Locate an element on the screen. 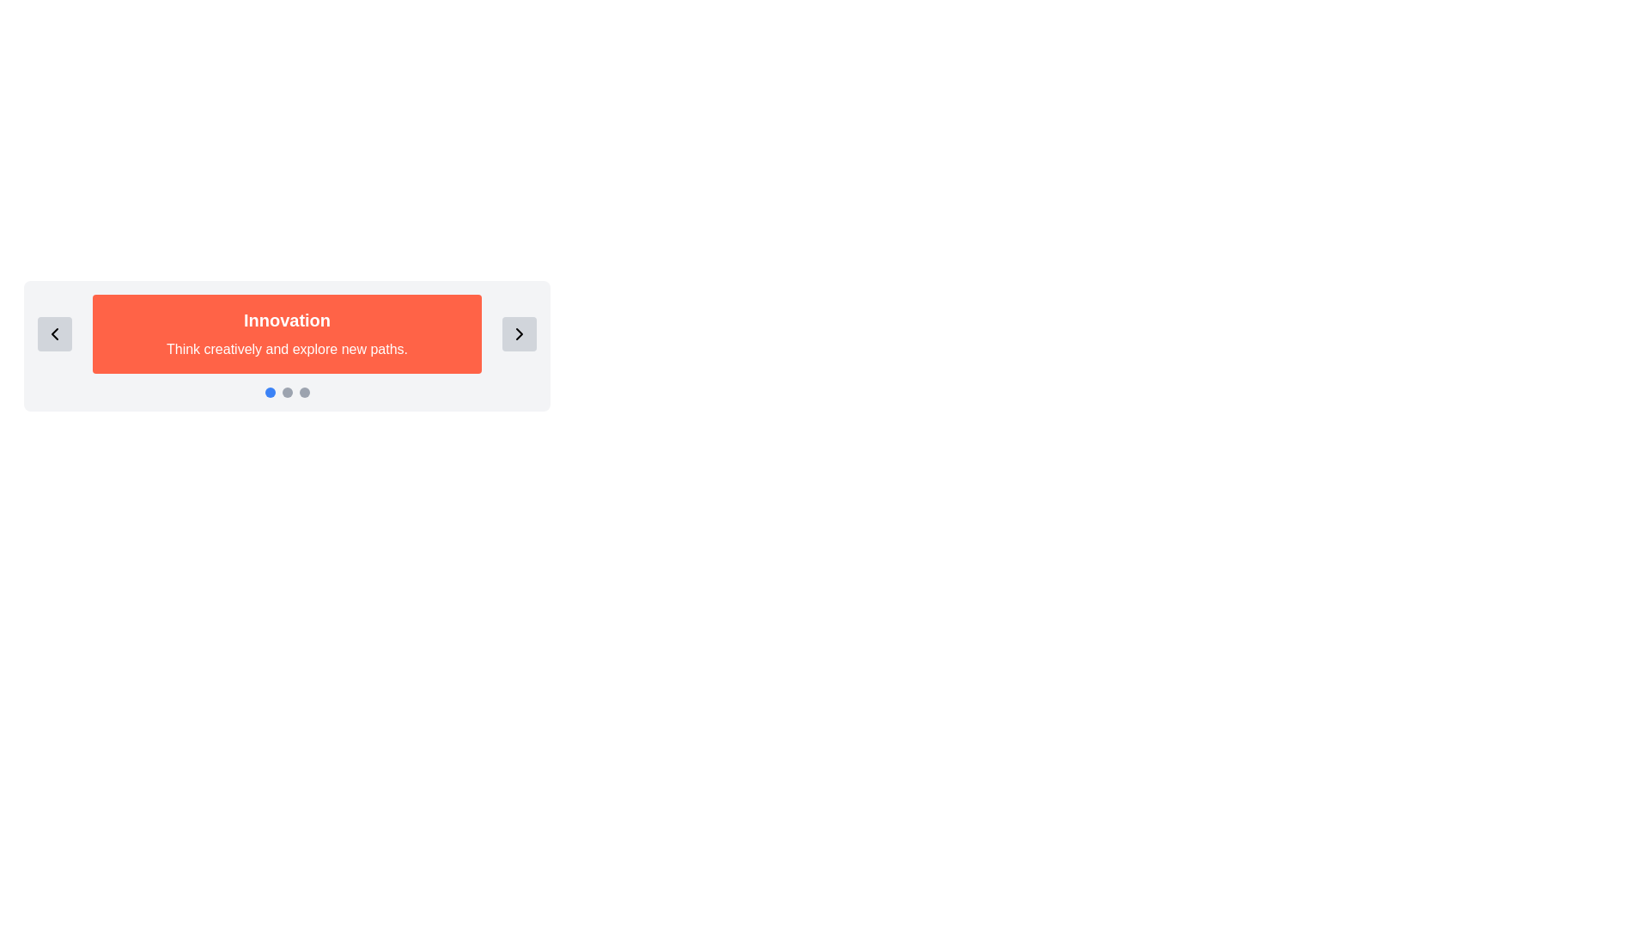 This screenshot has width=1649, height=928. the first circular indicator located at the bottom center of the carousel is located at coordinates (269, 392).